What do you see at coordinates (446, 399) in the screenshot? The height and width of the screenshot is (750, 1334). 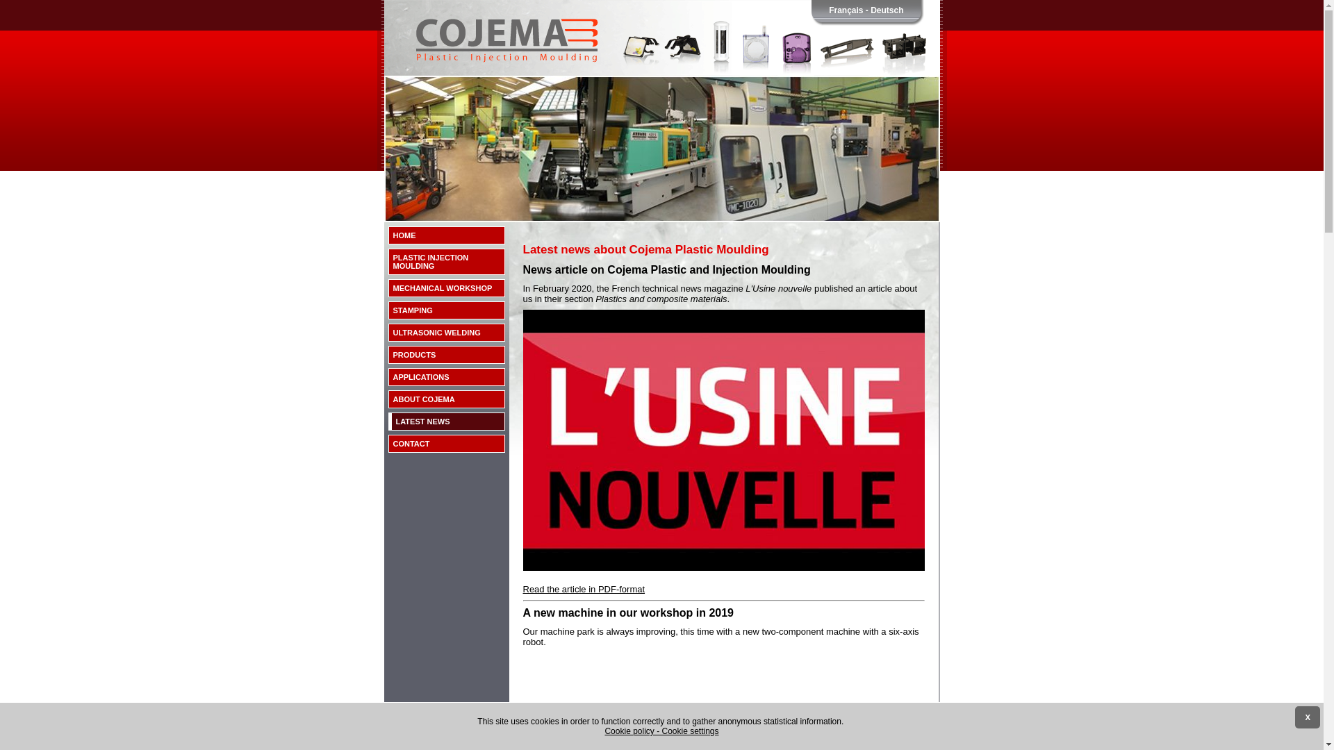 I see `'ABOUT COJEMA'` at bounding box center [446, 399].